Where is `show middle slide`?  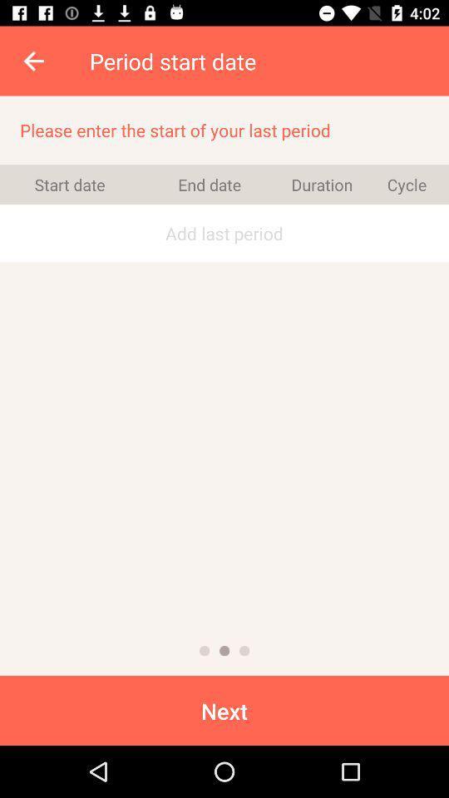
show middle slide is located at coordinates (224, 651).